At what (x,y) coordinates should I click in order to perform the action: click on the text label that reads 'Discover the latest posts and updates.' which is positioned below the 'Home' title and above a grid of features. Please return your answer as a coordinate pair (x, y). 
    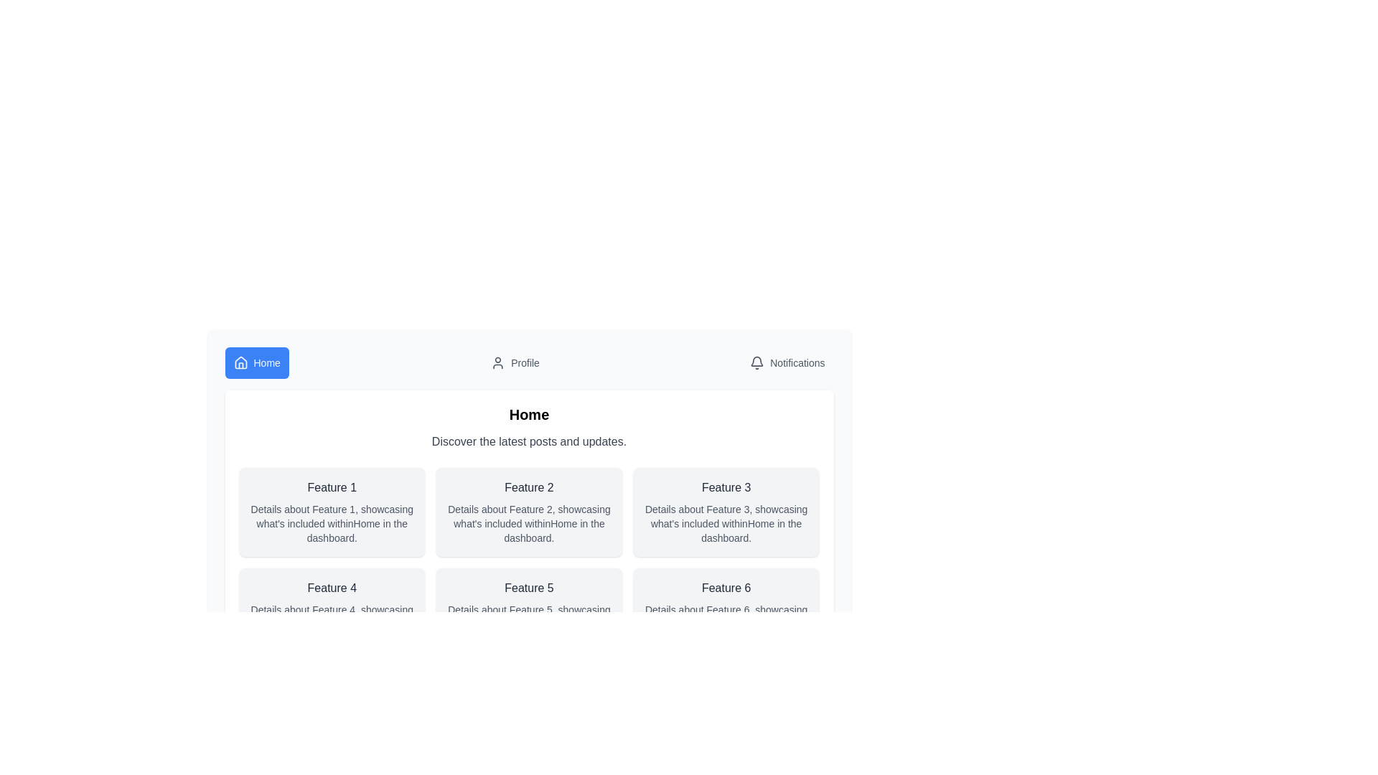
    Looking at the image, I should click on (528, 441).